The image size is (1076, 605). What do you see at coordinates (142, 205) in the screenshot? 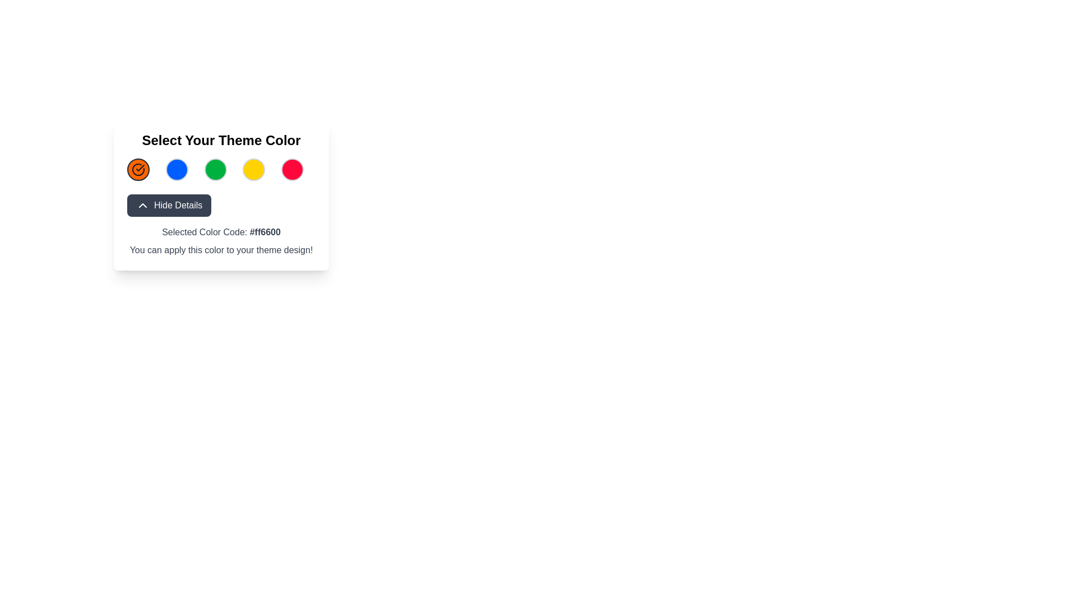
I see `the collapse/hide details icon located on the left side of the 'Hide Details' button, positioned below the color selection icons` at bounding box center [142, 205].